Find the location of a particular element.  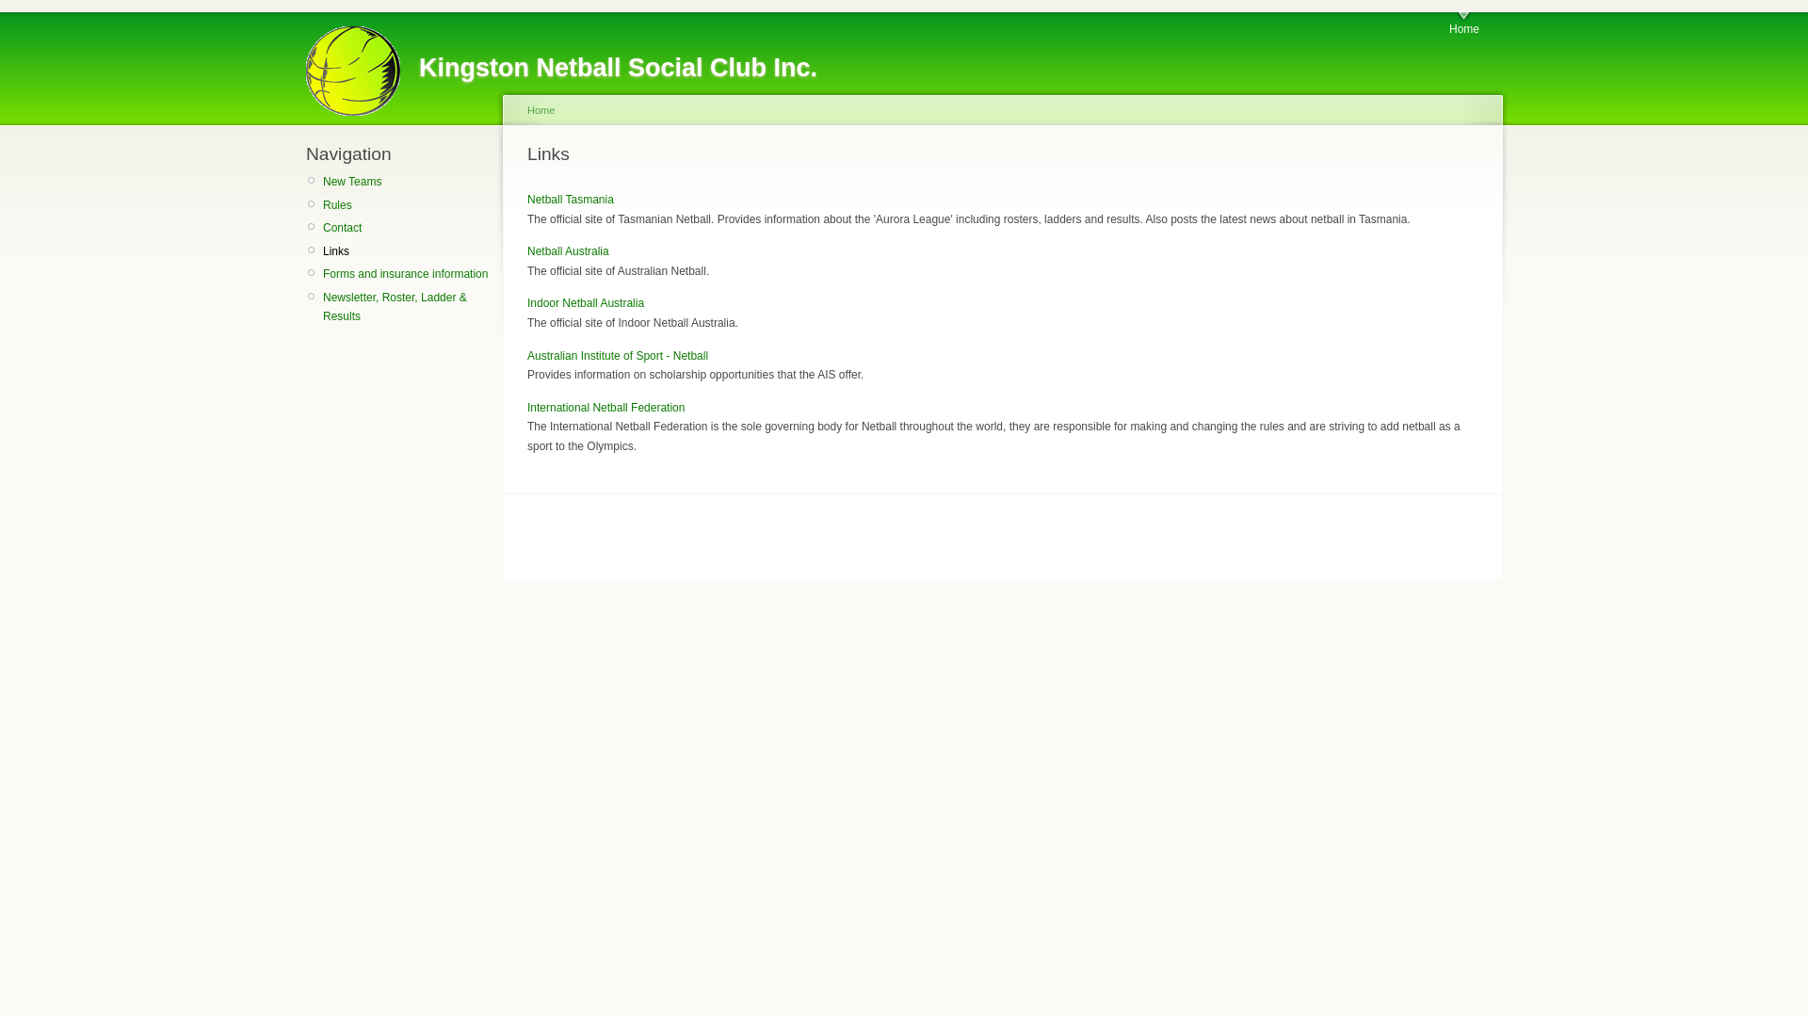

'Indoor Netball Australia' is located at coordinates (585, 301).